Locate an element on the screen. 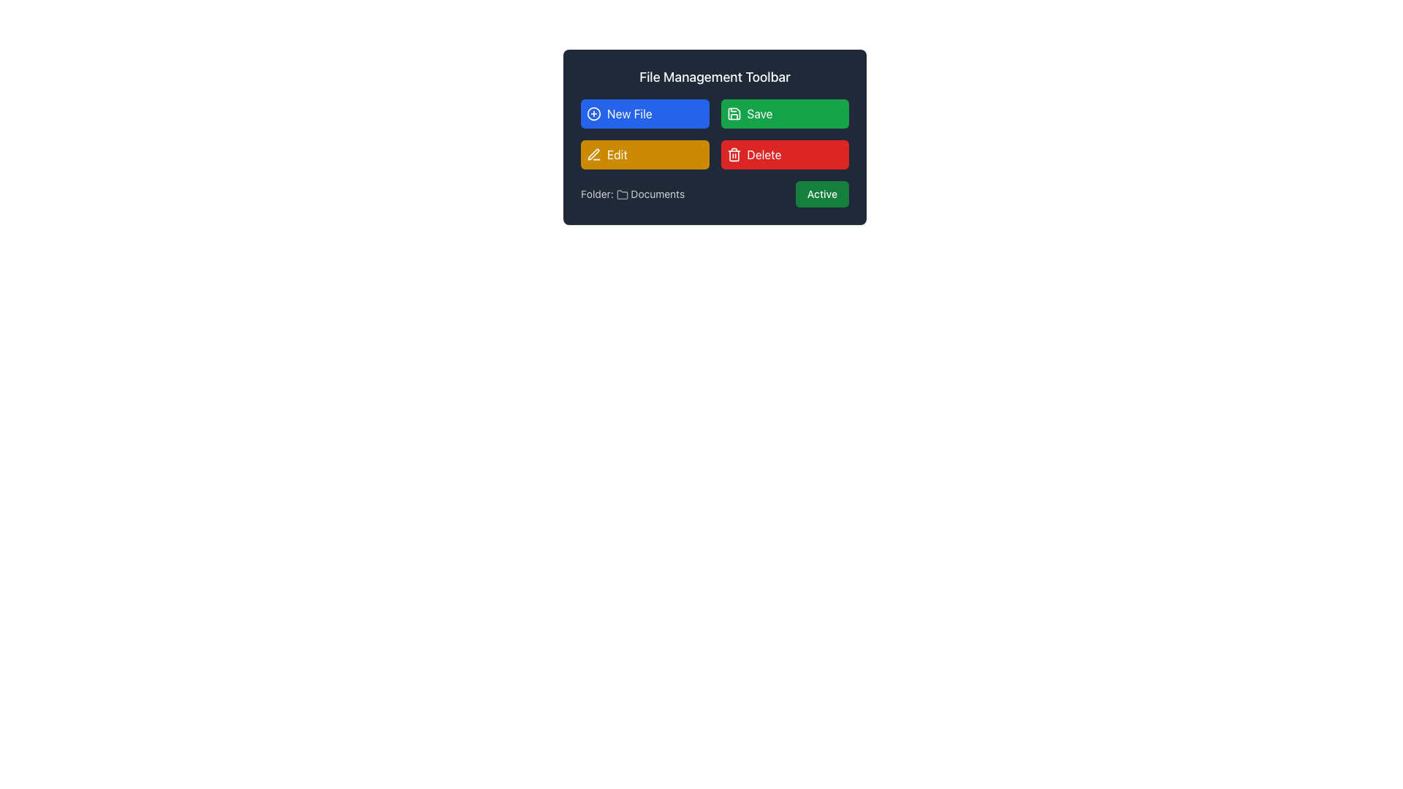 This screenshot has width=1403, height=789. the label of the 'Save' button located in the top-right area of the 'File Management Toolbar' panel is located at coordinates (760, 113).